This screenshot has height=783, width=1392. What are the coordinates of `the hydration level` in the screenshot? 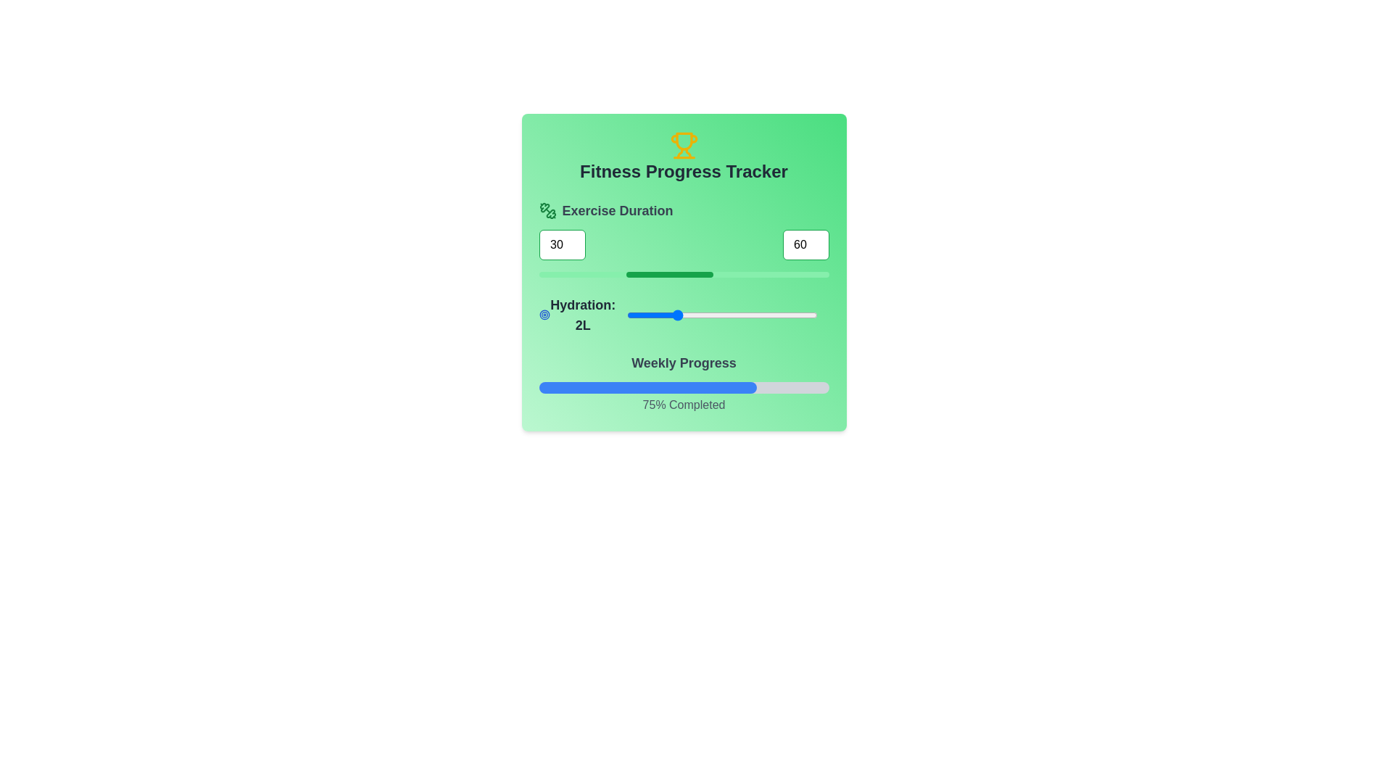 It's located at (722, 315).